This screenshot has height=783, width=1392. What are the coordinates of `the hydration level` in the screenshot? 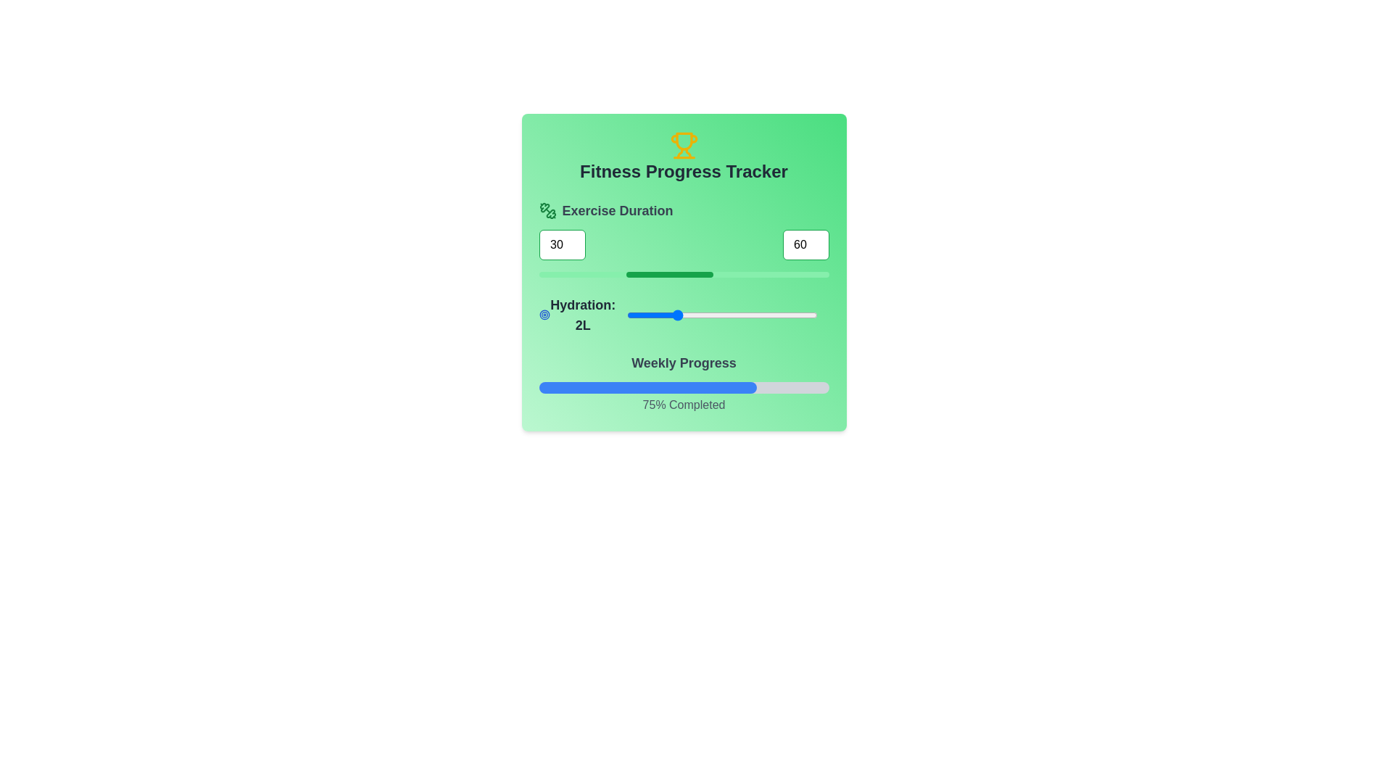 It's located at (722, 315).